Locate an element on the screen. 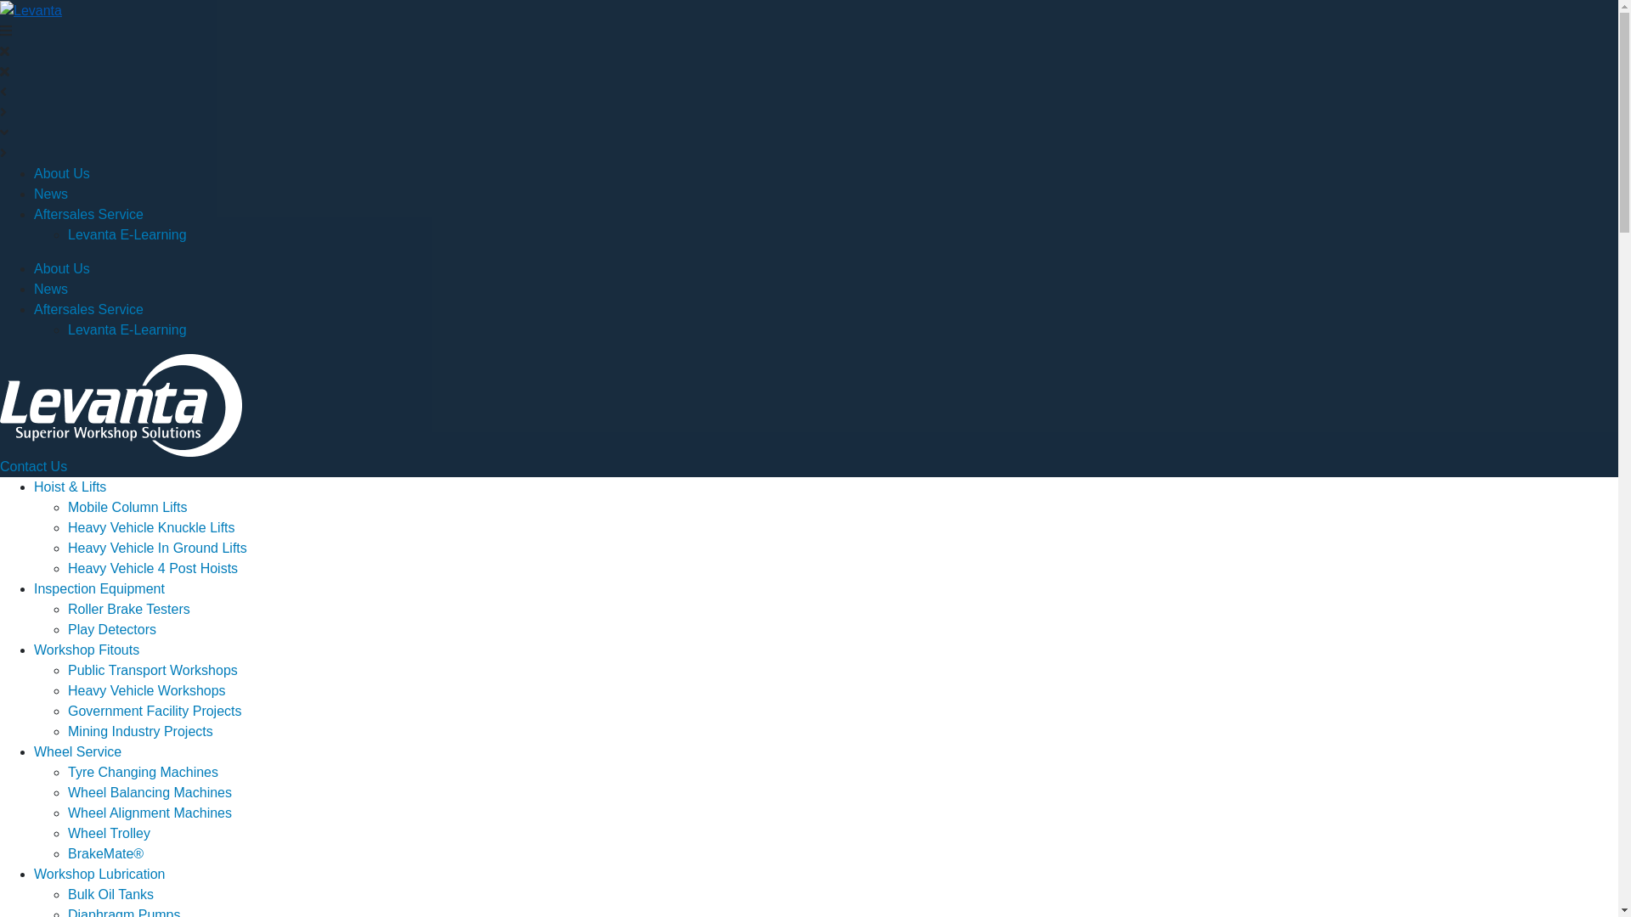 This screenshot has height=917, width=1631. 'Aftersales Service' is located at coordinates (87, 213).